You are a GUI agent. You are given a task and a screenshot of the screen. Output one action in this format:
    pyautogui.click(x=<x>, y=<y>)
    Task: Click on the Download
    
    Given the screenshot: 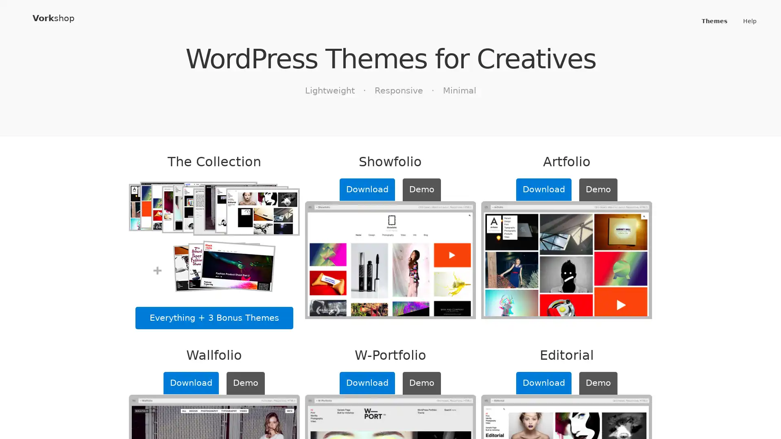 What is the action you would take?
    pyautogui.click(x=191, y=382)
    